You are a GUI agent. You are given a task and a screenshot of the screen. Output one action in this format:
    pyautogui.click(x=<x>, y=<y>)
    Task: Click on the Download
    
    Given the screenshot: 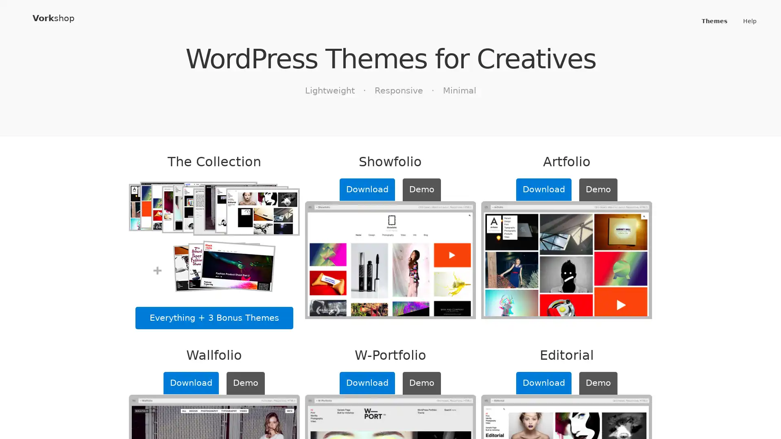 What is the action you would take?
    pyautogui.click(x=191, y=382)
    